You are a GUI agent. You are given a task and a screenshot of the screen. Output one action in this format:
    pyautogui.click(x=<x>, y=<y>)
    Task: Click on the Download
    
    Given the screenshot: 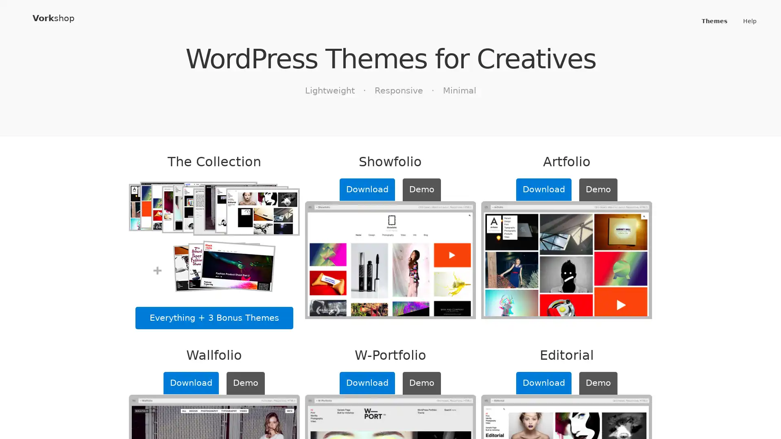 What is the action you would take?
    pyautogui.click(x=191, y=382)
    